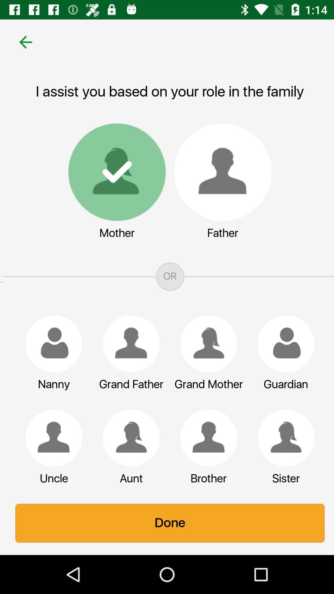 The height and width of the screenshot is (594, 334). Describe the element at coordinates (167, 523) in the screenshot. I see `icon below the uncle` at that location.